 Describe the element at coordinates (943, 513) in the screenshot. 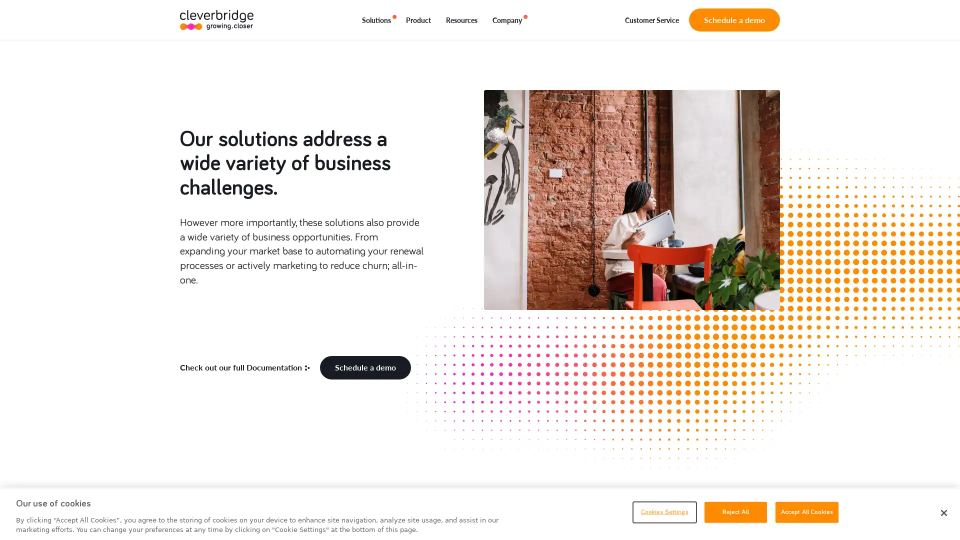

I see `Close` at that location.